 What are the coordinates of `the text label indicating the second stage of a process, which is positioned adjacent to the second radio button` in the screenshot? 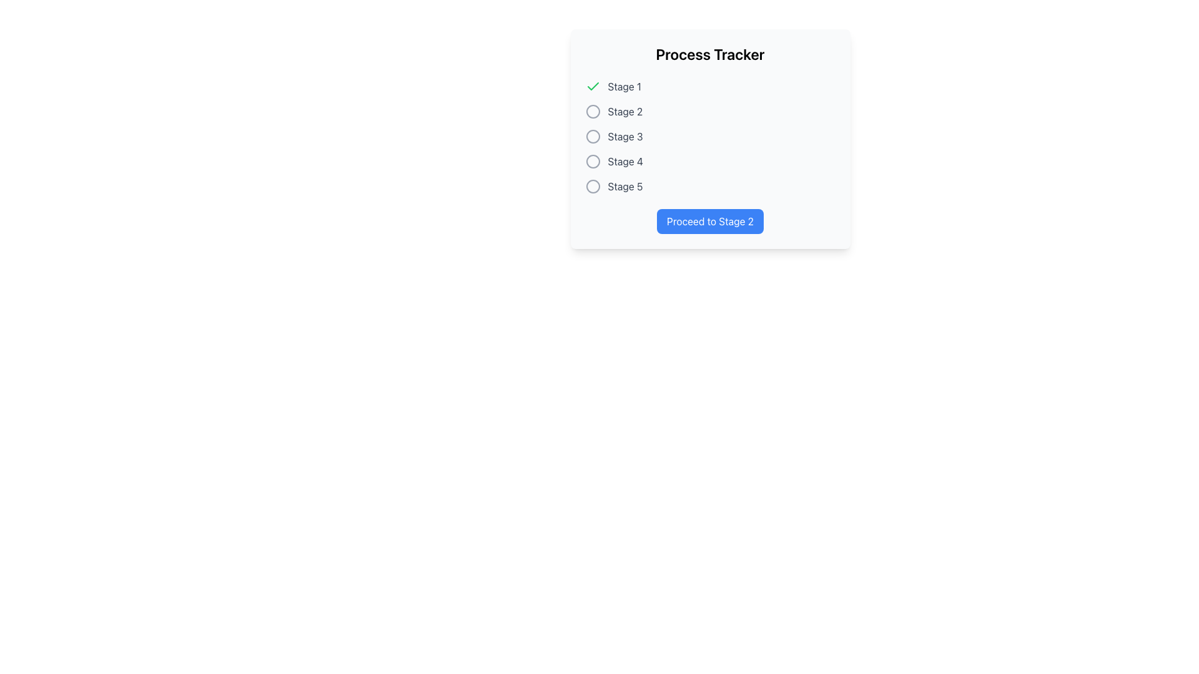 It's located at (625, 110).